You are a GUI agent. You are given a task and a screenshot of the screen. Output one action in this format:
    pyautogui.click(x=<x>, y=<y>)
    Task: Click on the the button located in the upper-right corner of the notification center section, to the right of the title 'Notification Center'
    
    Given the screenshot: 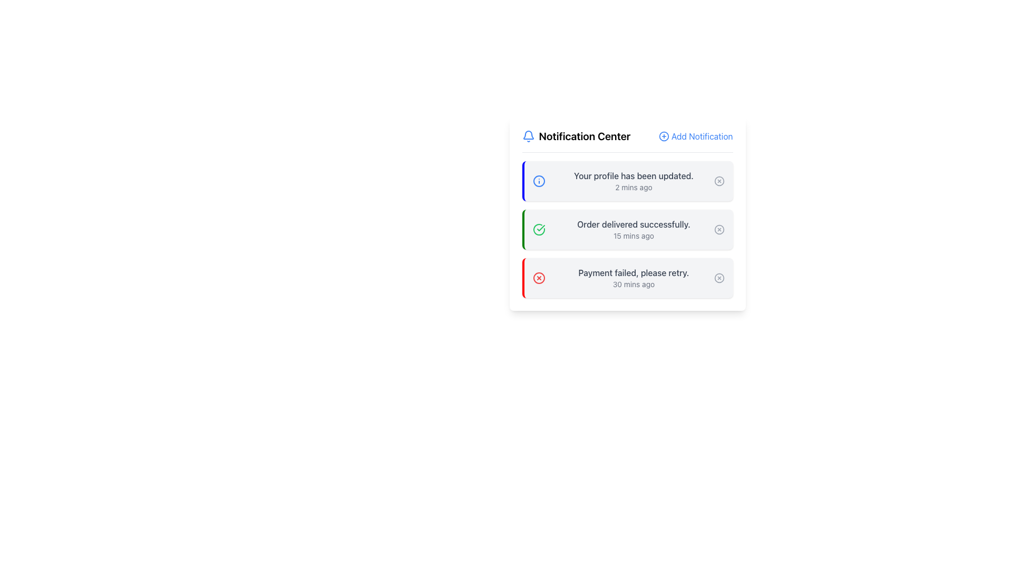 What is the action you would take?
    pyautogui.click(x=696, y=135)
    